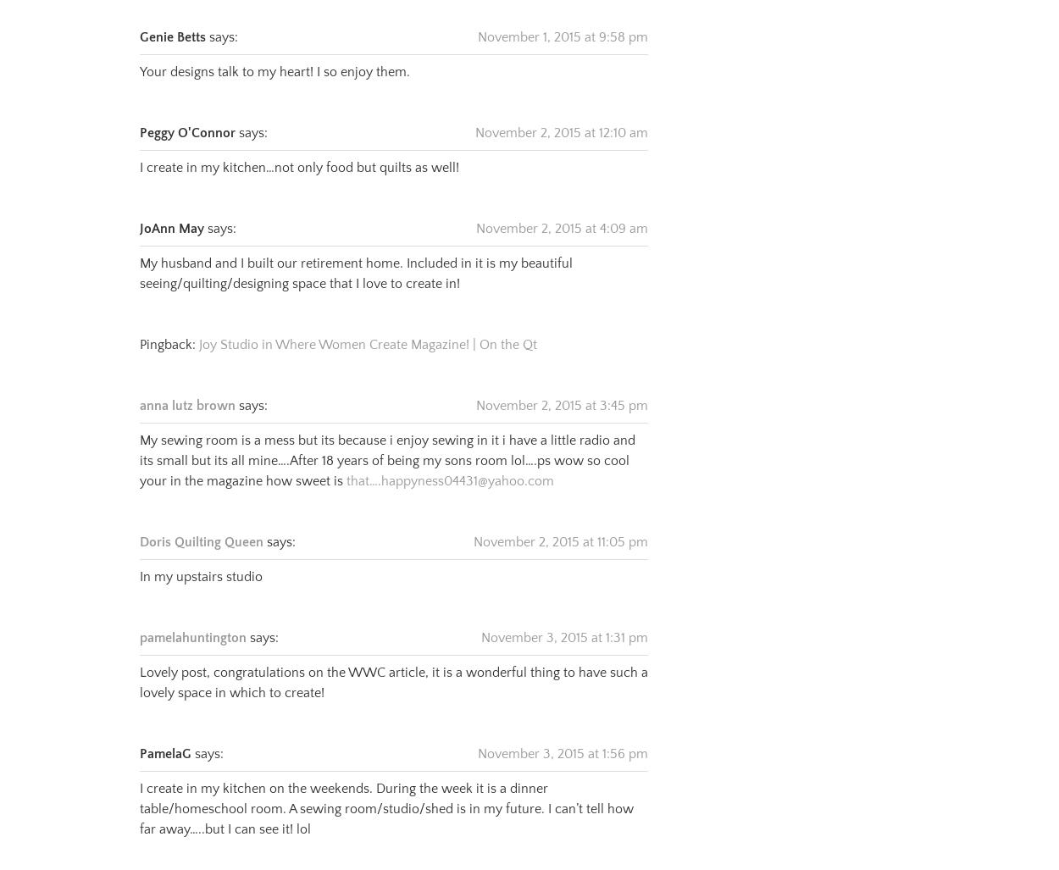 The image size is (1059, 870). I want to click on 'My husband and I built our retirement home. Included in it is my beautiful seeing/quilting/designing space that I love to create in!', so click(140, 252).